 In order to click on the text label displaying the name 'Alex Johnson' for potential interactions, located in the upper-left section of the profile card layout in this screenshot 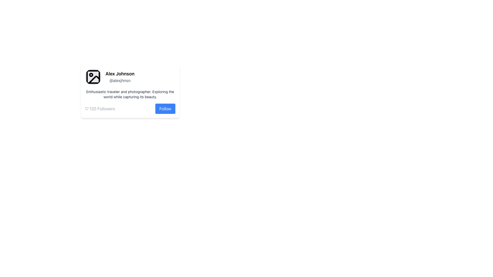, I will do `click(120, 74)`.